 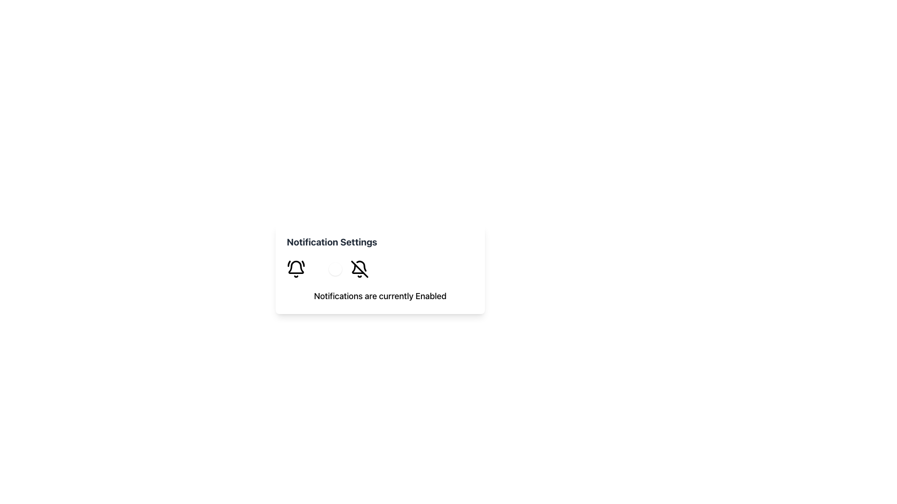 What do you see at coordinates (359, 269) in the screenshot?
I see `the muted notification icon located in the 'Notification Settings' section, positioned below the title and to the right of a similar bell icon` at bounding box center [359, 269].